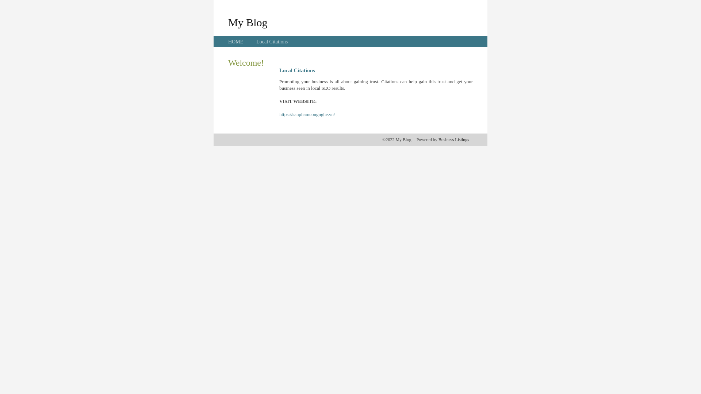  What do you see at coordinates (248, 22) in the screenshot?
I see `'My Blog'` at bounding box center [248, 22].